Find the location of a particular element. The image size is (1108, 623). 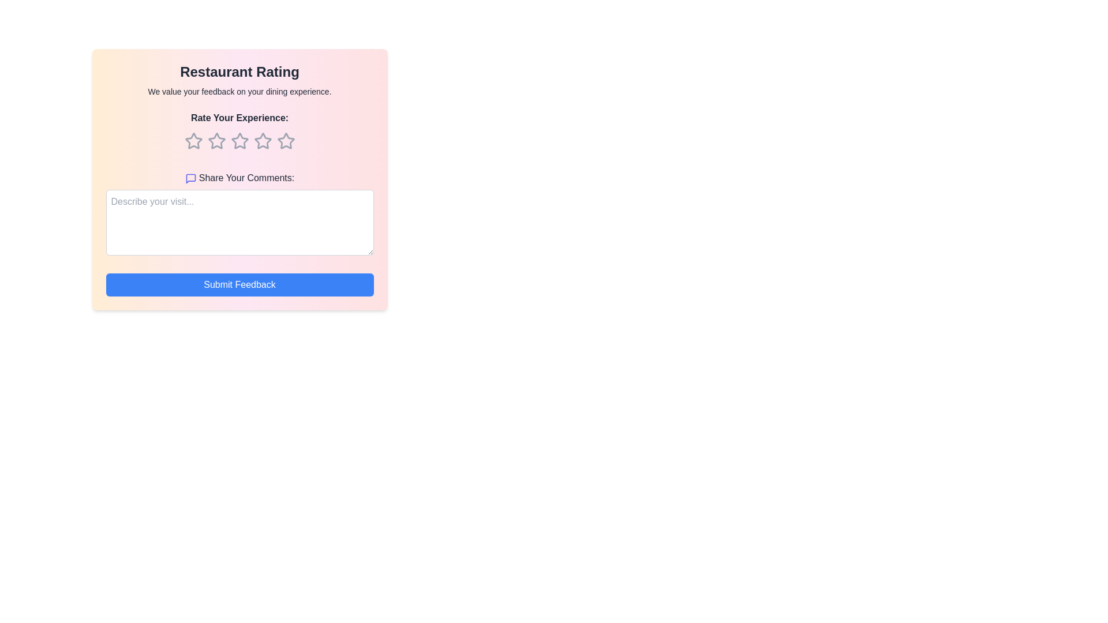

the third star in the rating component below the 'Rate Your Experience:' label is located at coordinates (239, 141).